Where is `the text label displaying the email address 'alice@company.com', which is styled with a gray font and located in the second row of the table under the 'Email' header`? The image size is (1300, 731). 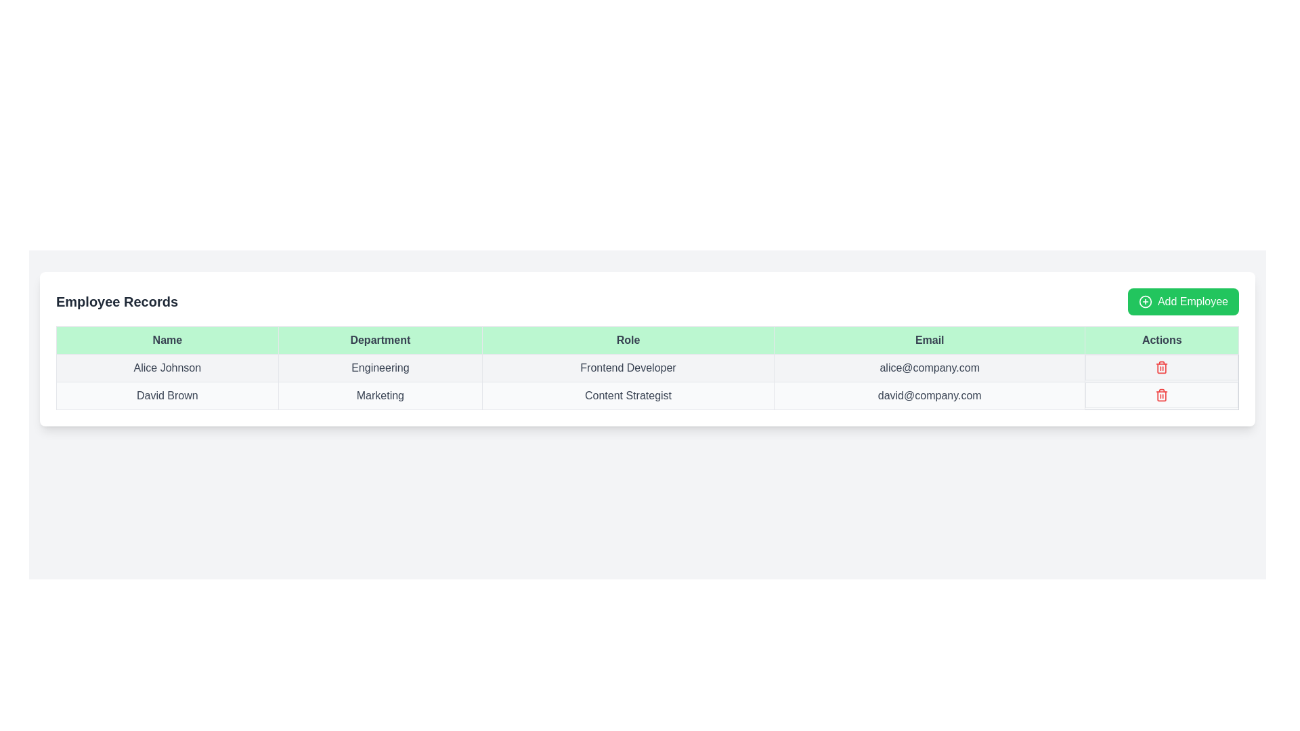 the text label displaying the email address 'alice@company.com', which is styled with a gray font and located in the second row of the table under the 'Email' header is located at coordinates (929, 368).